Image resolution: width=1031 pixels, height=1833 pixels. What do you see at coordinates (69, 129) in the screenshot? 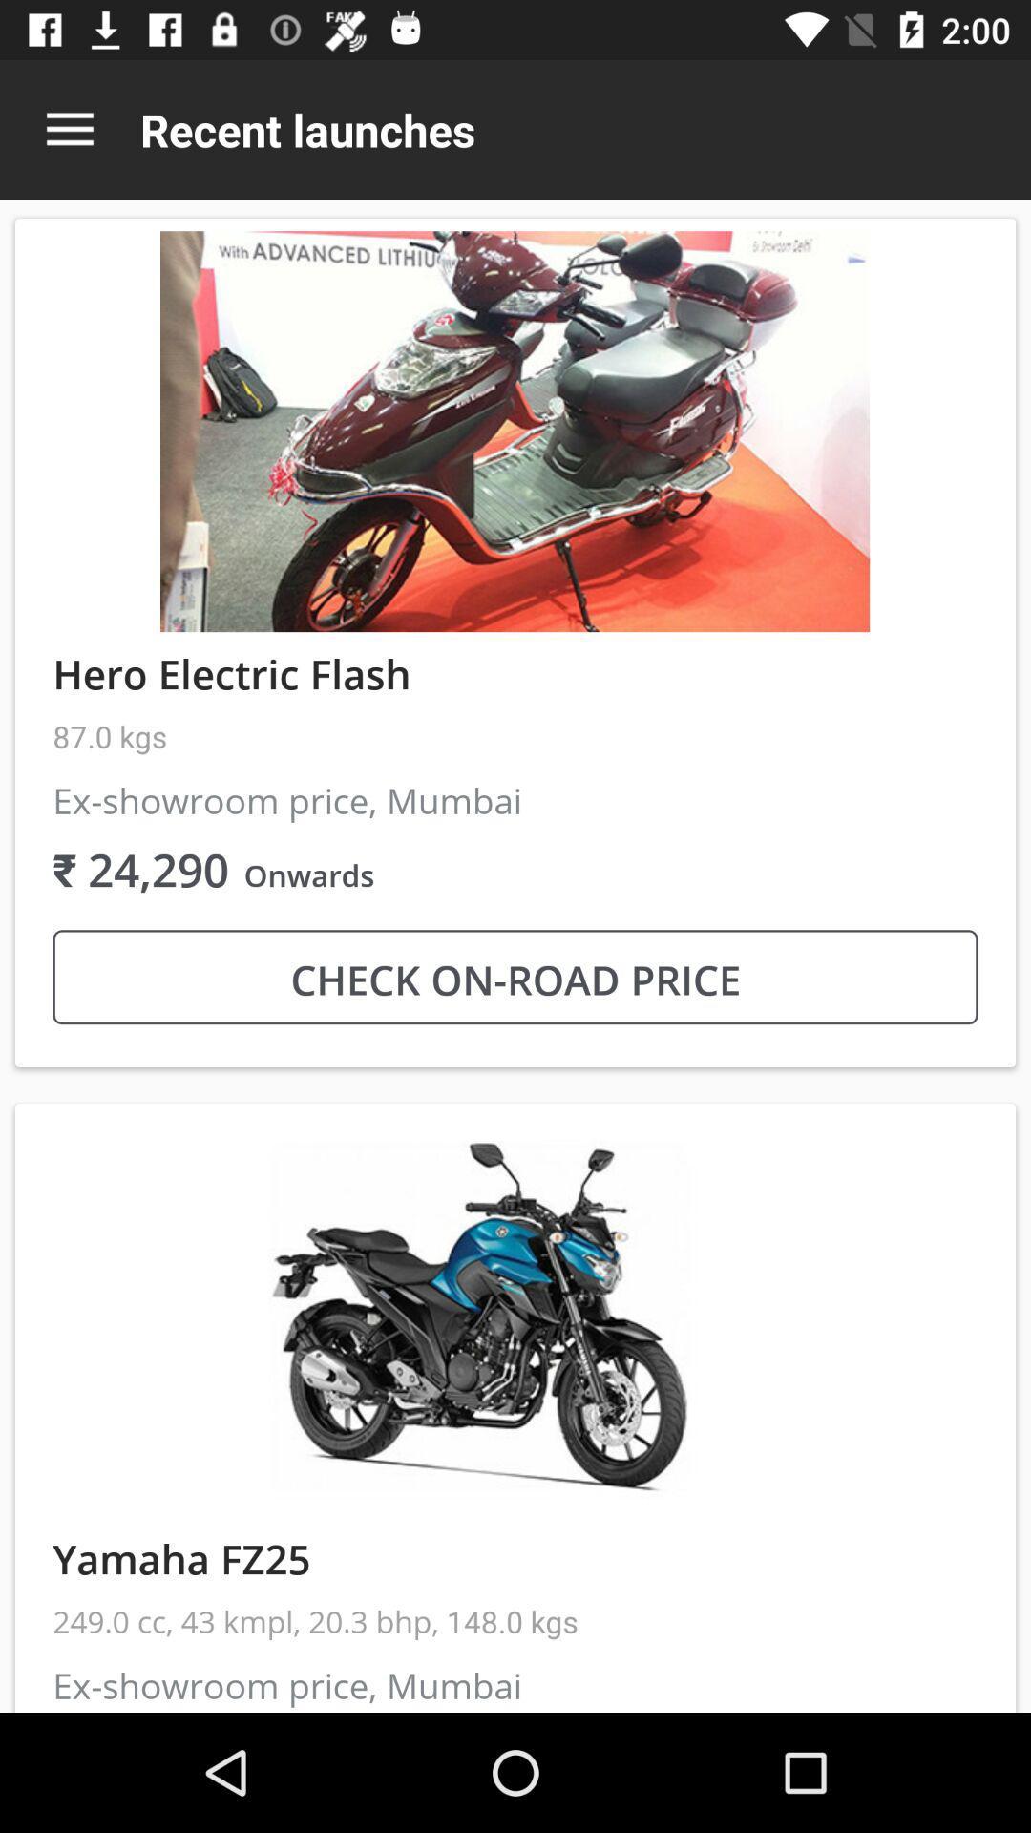
I see `icon to the left of the recent launches icon` at bounding box center [69, 129].